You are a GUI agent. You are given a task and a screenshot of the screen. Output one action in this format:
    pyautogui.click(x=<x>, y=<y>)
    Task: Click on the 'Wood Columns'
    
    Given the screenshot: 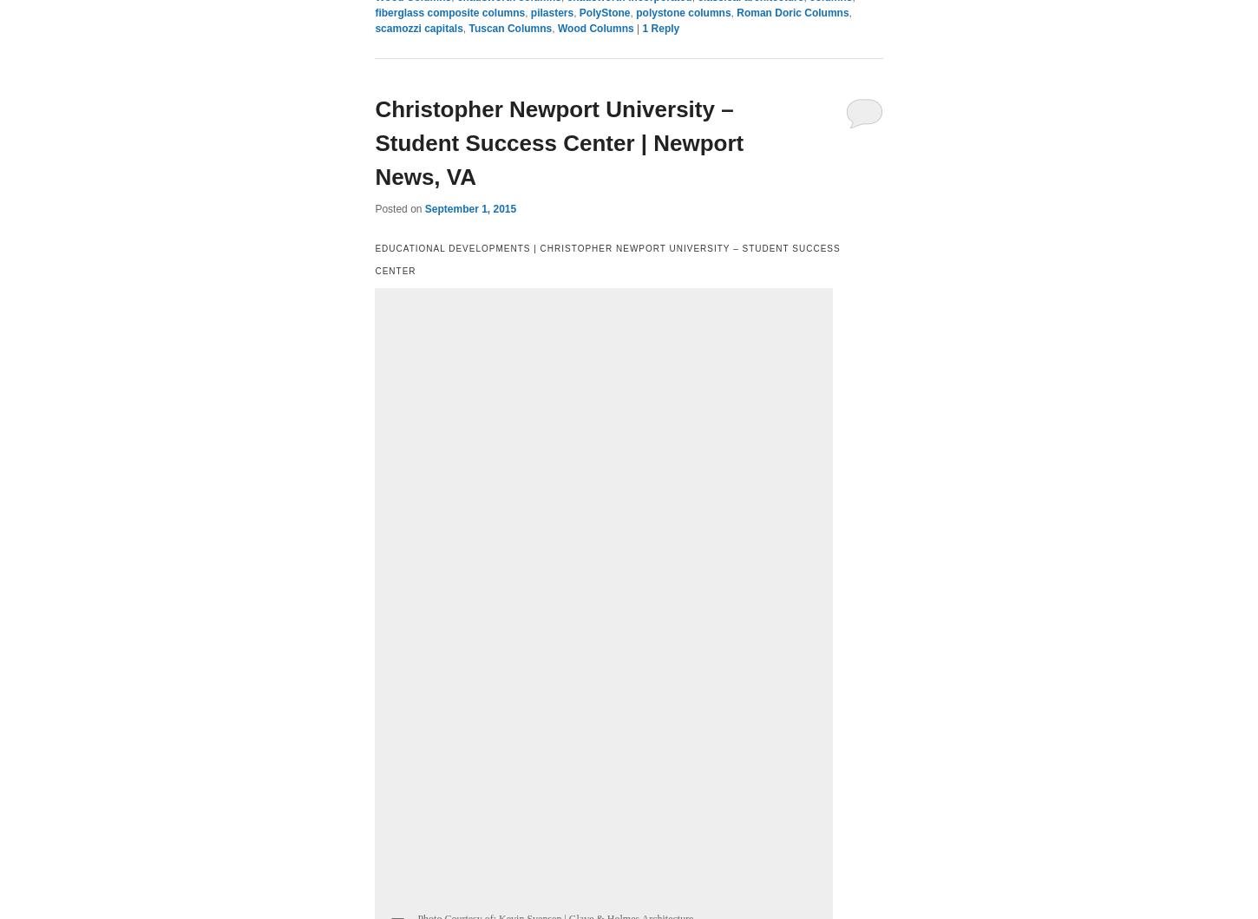 What is the action you would take?
    pyautogui.click(x=593, y=29)
    